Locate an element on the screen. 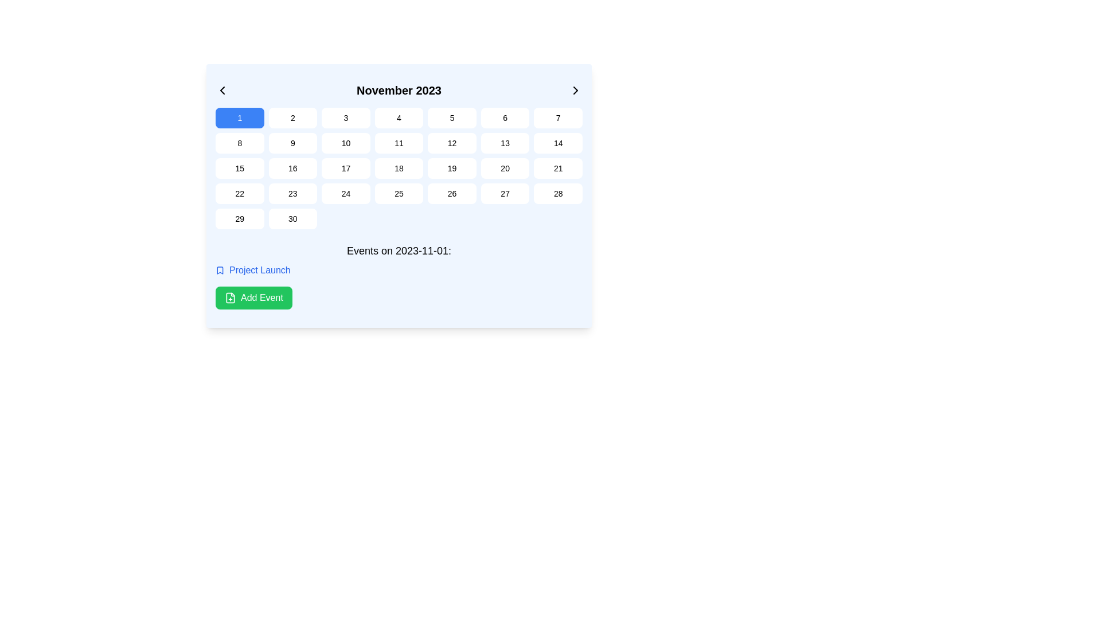 The width and height of the screenshot is (1101, 619). the button representing the 22nd day of the month on the calendar interface is located at coordinates (239, 193).